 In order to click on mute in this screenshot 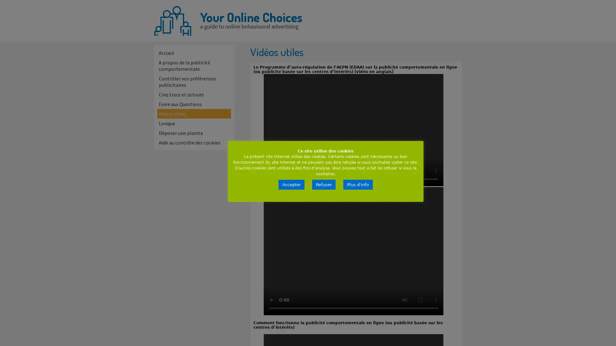, I will do `click(405, 170)`.